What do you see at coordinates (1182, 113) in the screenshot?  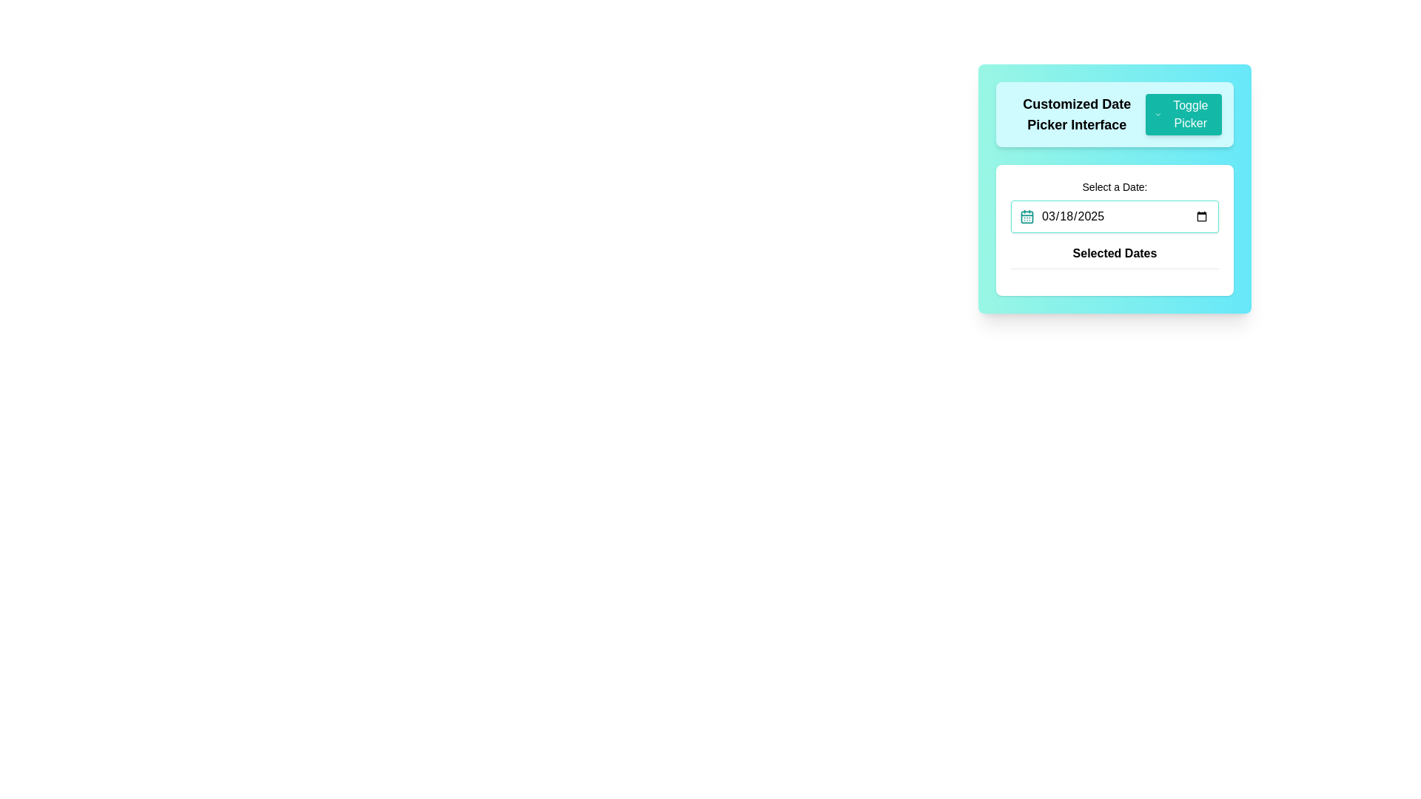 I see `the button` at bounding box center [1182, 113].